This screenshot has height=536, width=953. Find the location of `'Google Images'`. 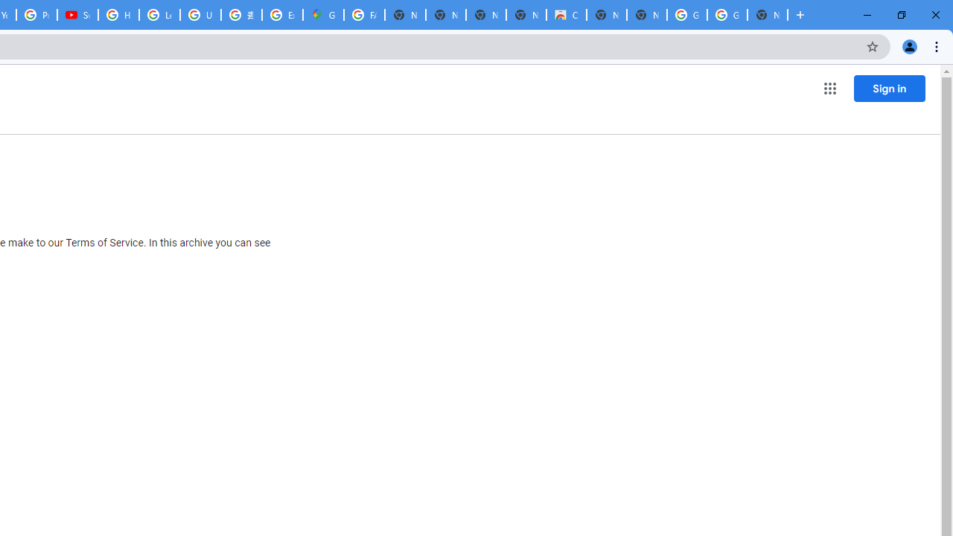

'Google Images' is located at coordinates (727, 15).